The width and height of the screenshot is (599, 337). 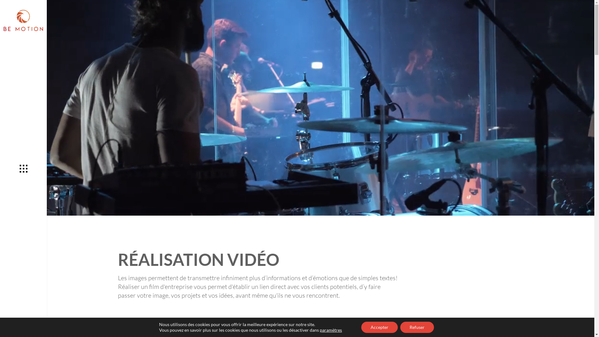 What do you see at coordinates (400, 327) in the screenshot?
I see `'Refuser'` at bounding box center [400, 327].